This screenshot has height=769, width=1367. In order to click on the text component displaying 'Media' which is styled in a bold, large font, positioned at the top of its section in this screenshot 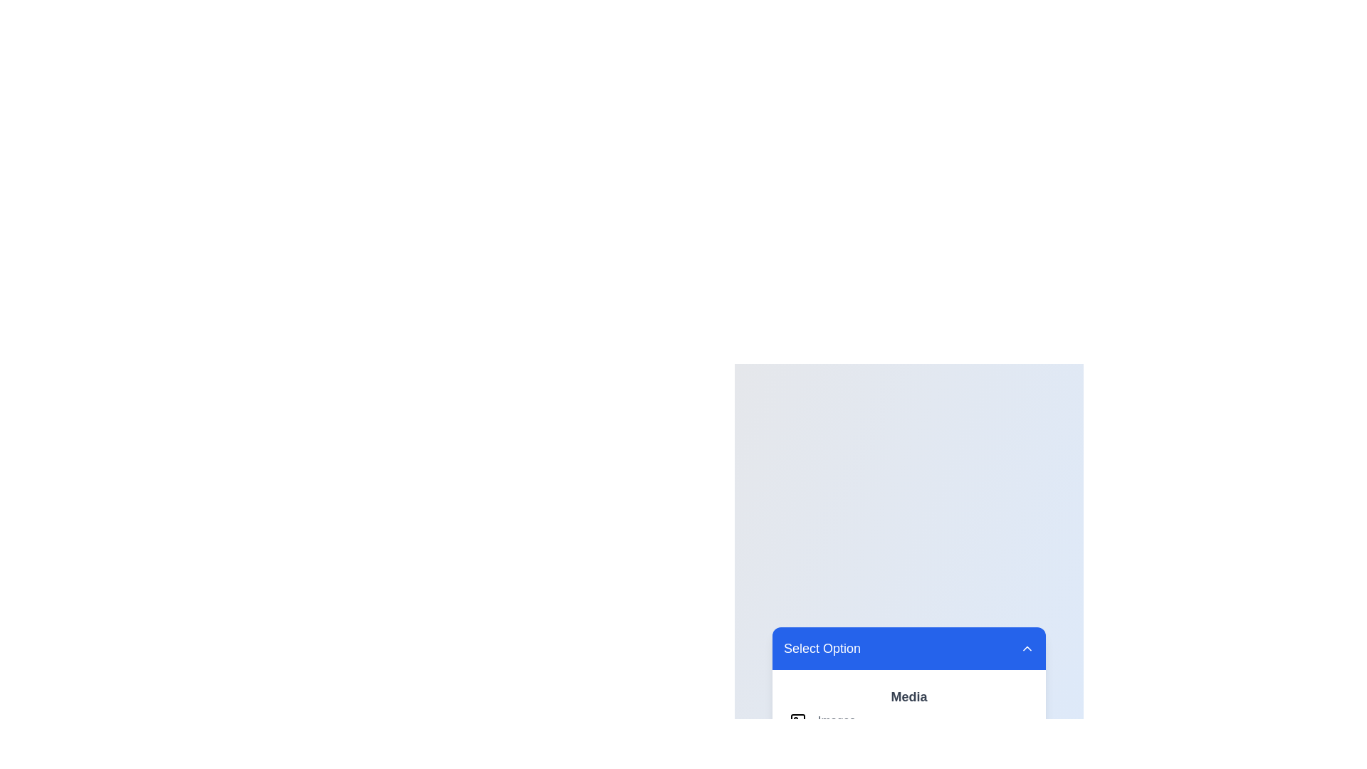, I will do `click(908, 696)`.